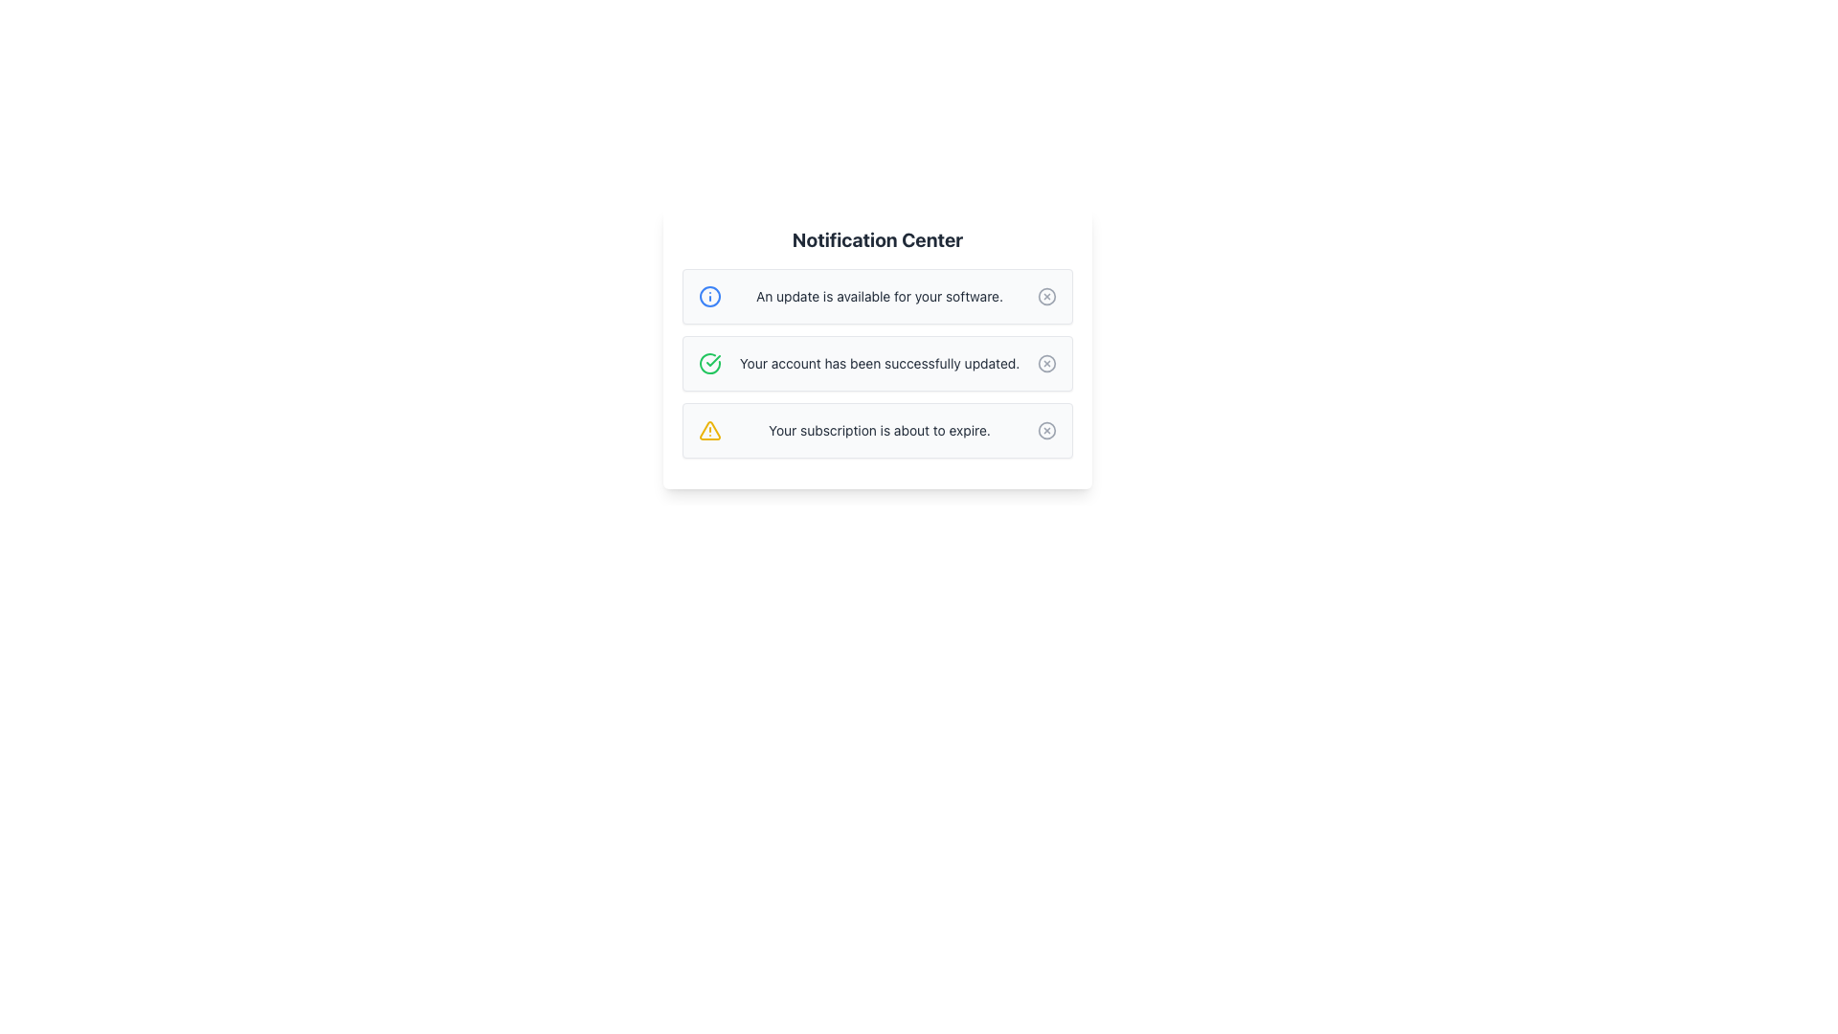 The width and height of the screenshot is (1838, 1034). Describe the element at coordinates (1046, 431) in the screenshot. I see `the Circular close button located at the far-right edge of the notification card titled 'Your subscription is about to expire'` at that location.